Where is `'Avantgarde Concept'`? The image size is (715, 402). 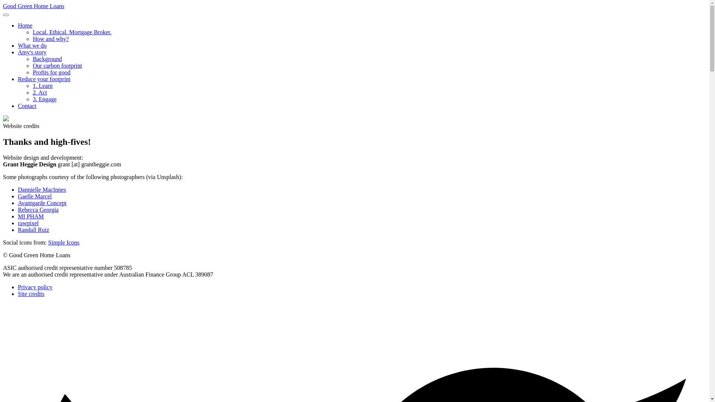
'Avantgarde Concept' is located at coordinates (42, 203).